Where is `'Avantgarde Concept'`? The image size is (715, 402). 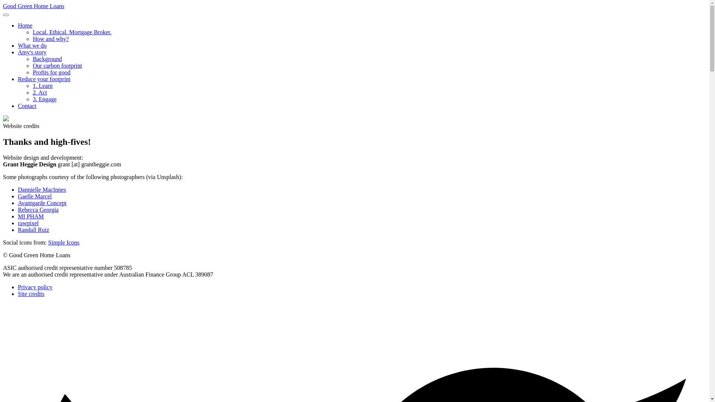
'Avantgarde Concept' is located at coordinates (42, 203).